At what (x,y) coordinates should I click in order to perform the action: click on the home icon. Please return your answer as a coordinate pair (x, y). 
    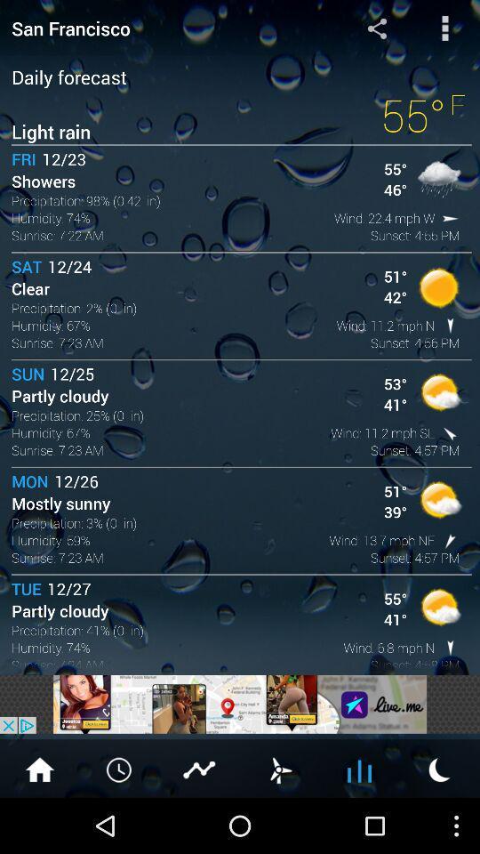
    Looking at the image, I should click on (39, 823).